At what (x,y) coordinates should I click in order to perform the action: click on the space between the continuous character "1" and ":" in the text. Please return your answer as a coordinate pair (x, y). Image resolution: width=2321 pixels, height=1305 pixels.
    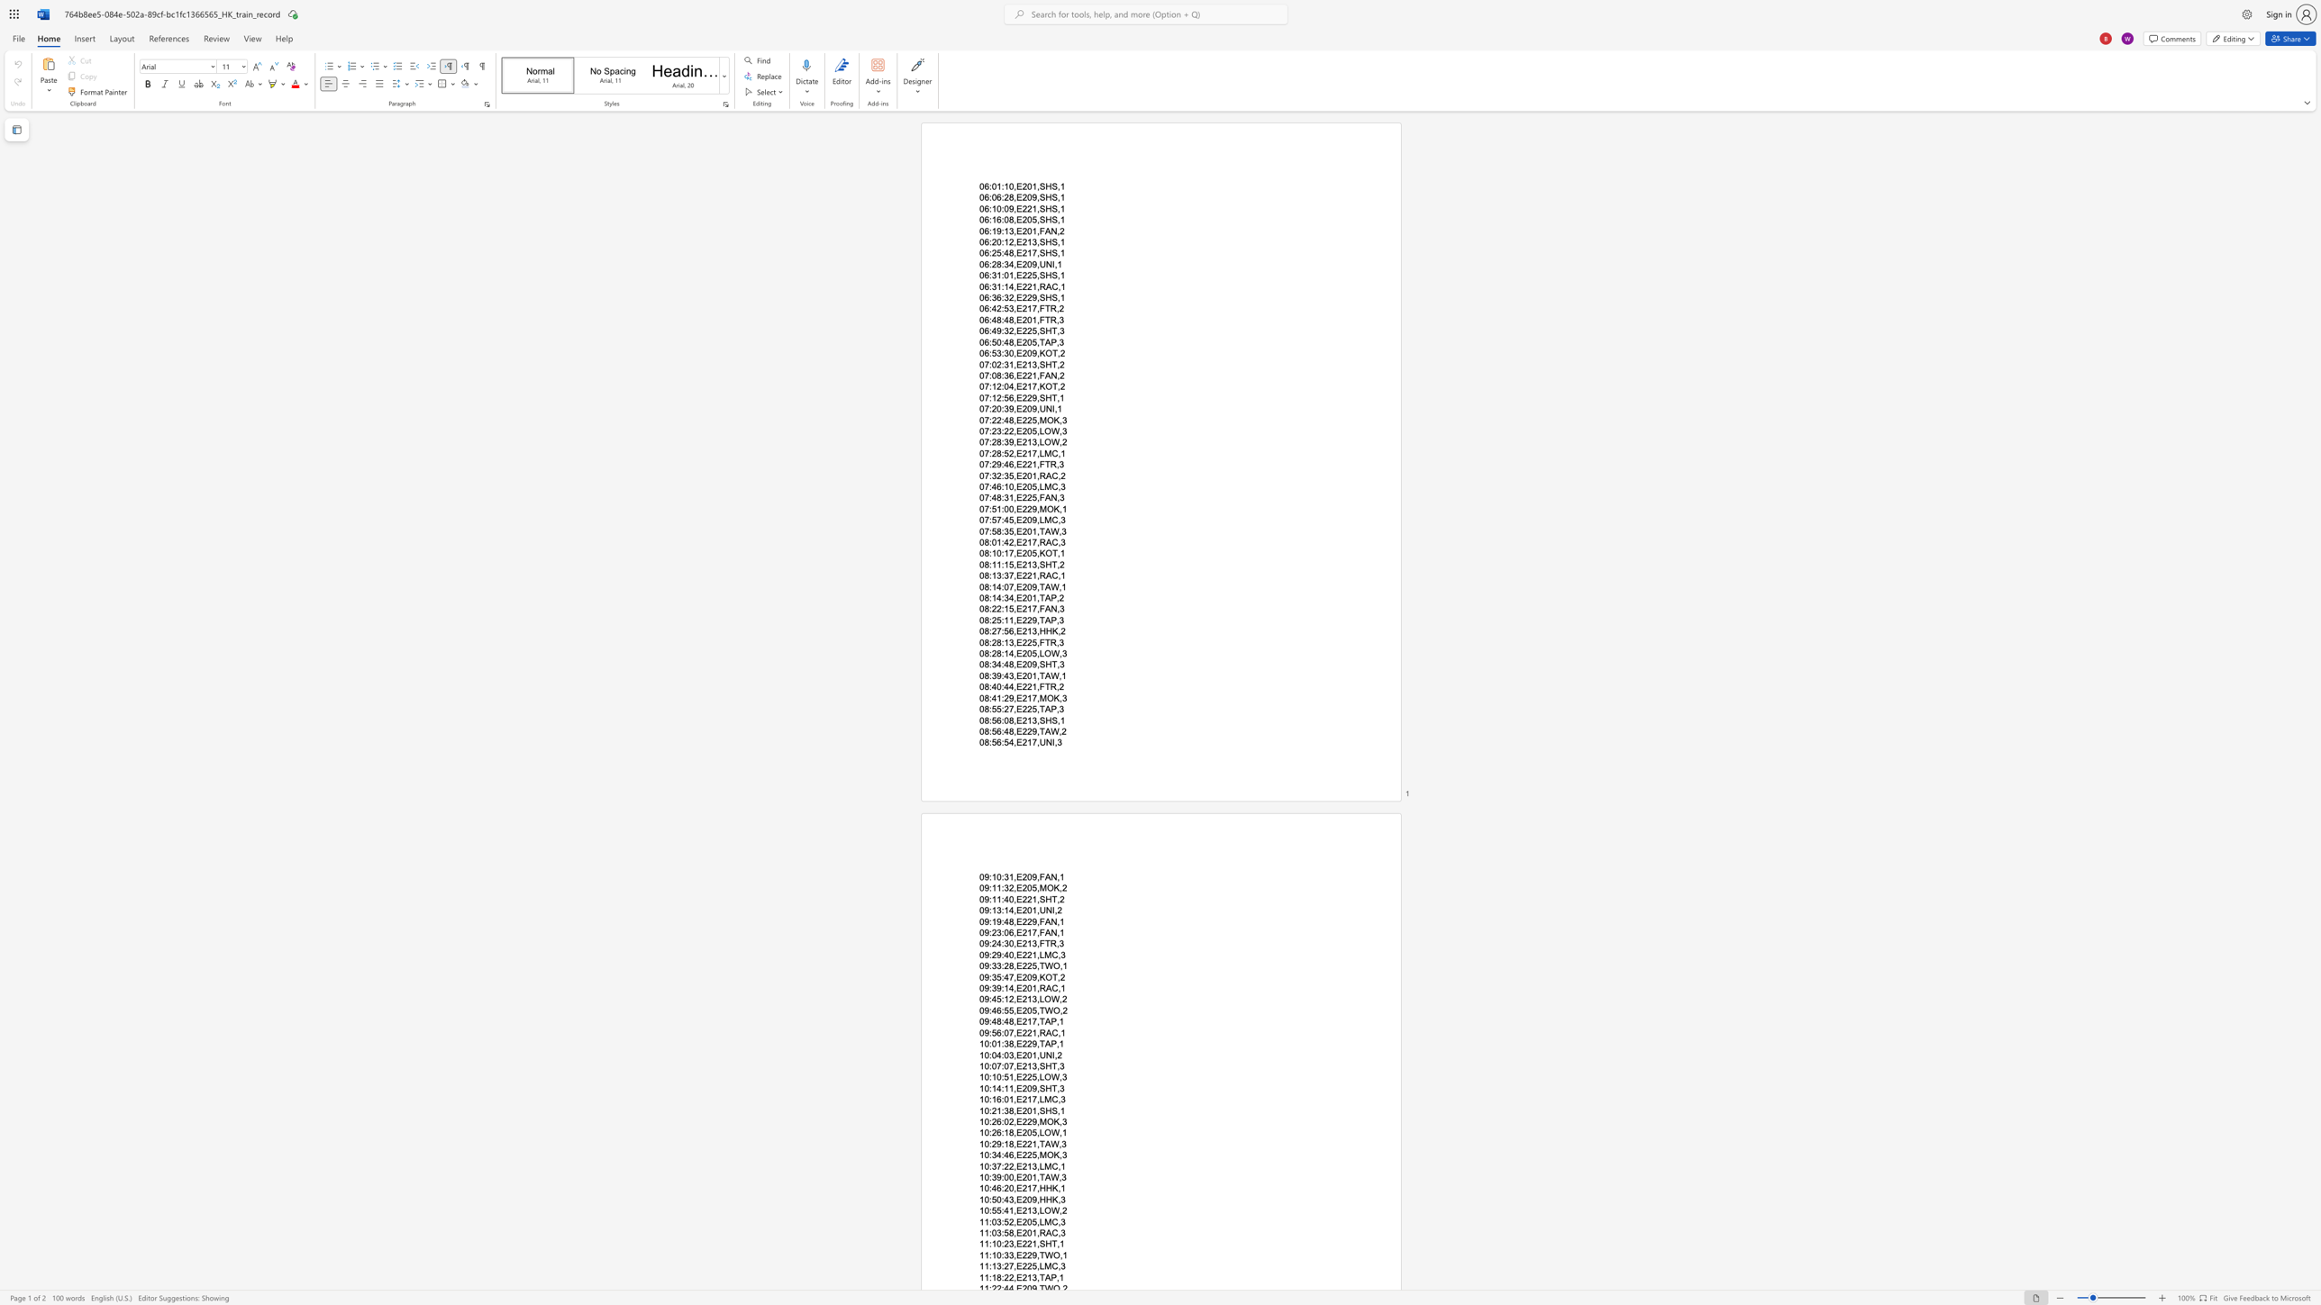
    Looking at the image, I should click on (1001, 275).